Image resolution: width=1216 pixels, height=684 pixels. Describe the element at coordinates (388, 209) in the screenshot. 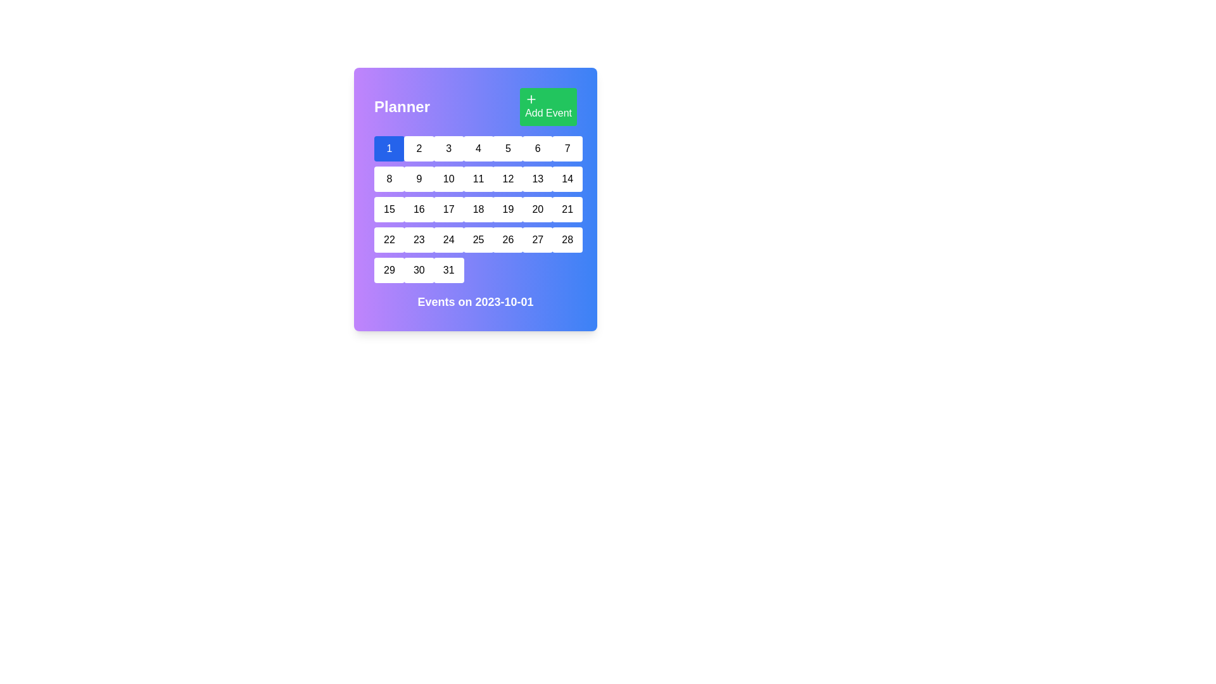

I see `the calendar button located in the third row and first column of a grid layout` at that location.